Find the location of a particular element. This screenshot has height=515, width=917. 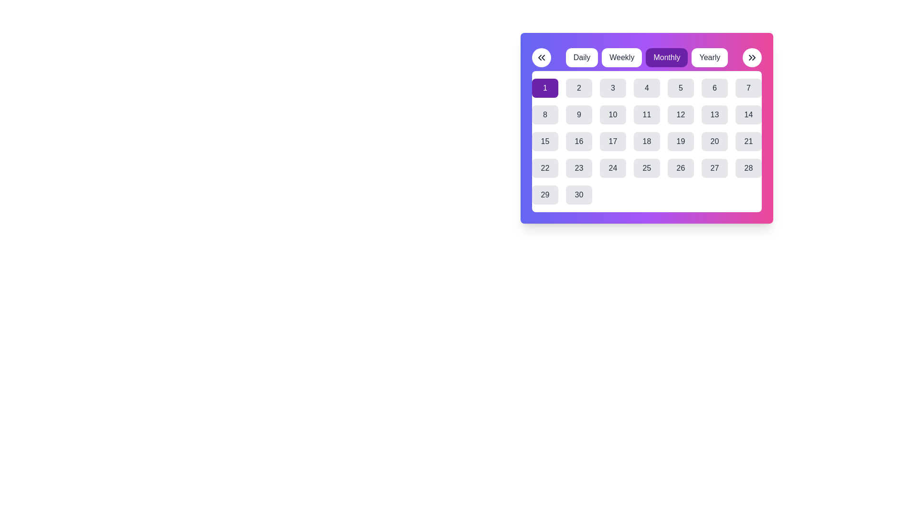

the button representing the 10th day in the calendar interface is located at coordinates (613, 114).